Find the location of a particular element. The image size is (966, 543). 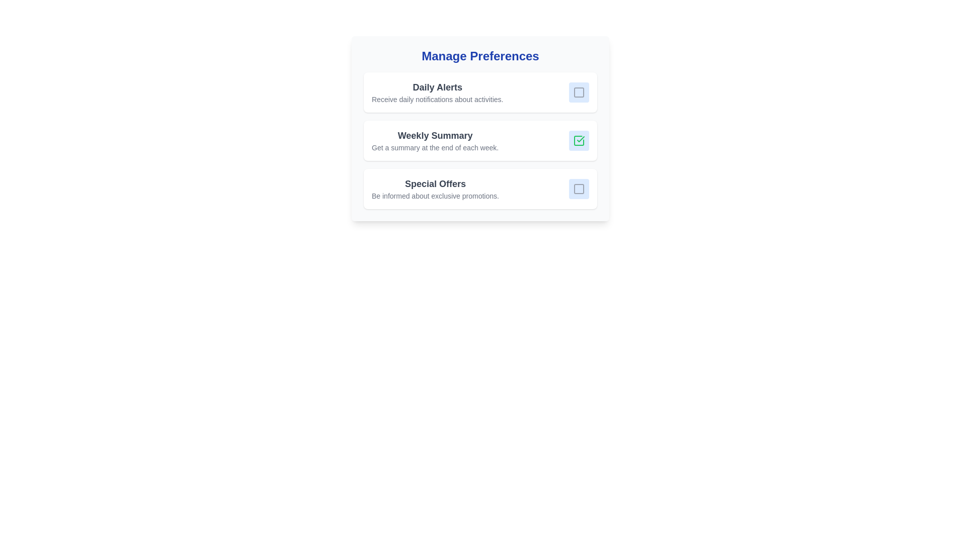

the toggle icon styled as an interactive indicator for 'Special Offers' located at the right end of the card is located at coordinates (579, 189).